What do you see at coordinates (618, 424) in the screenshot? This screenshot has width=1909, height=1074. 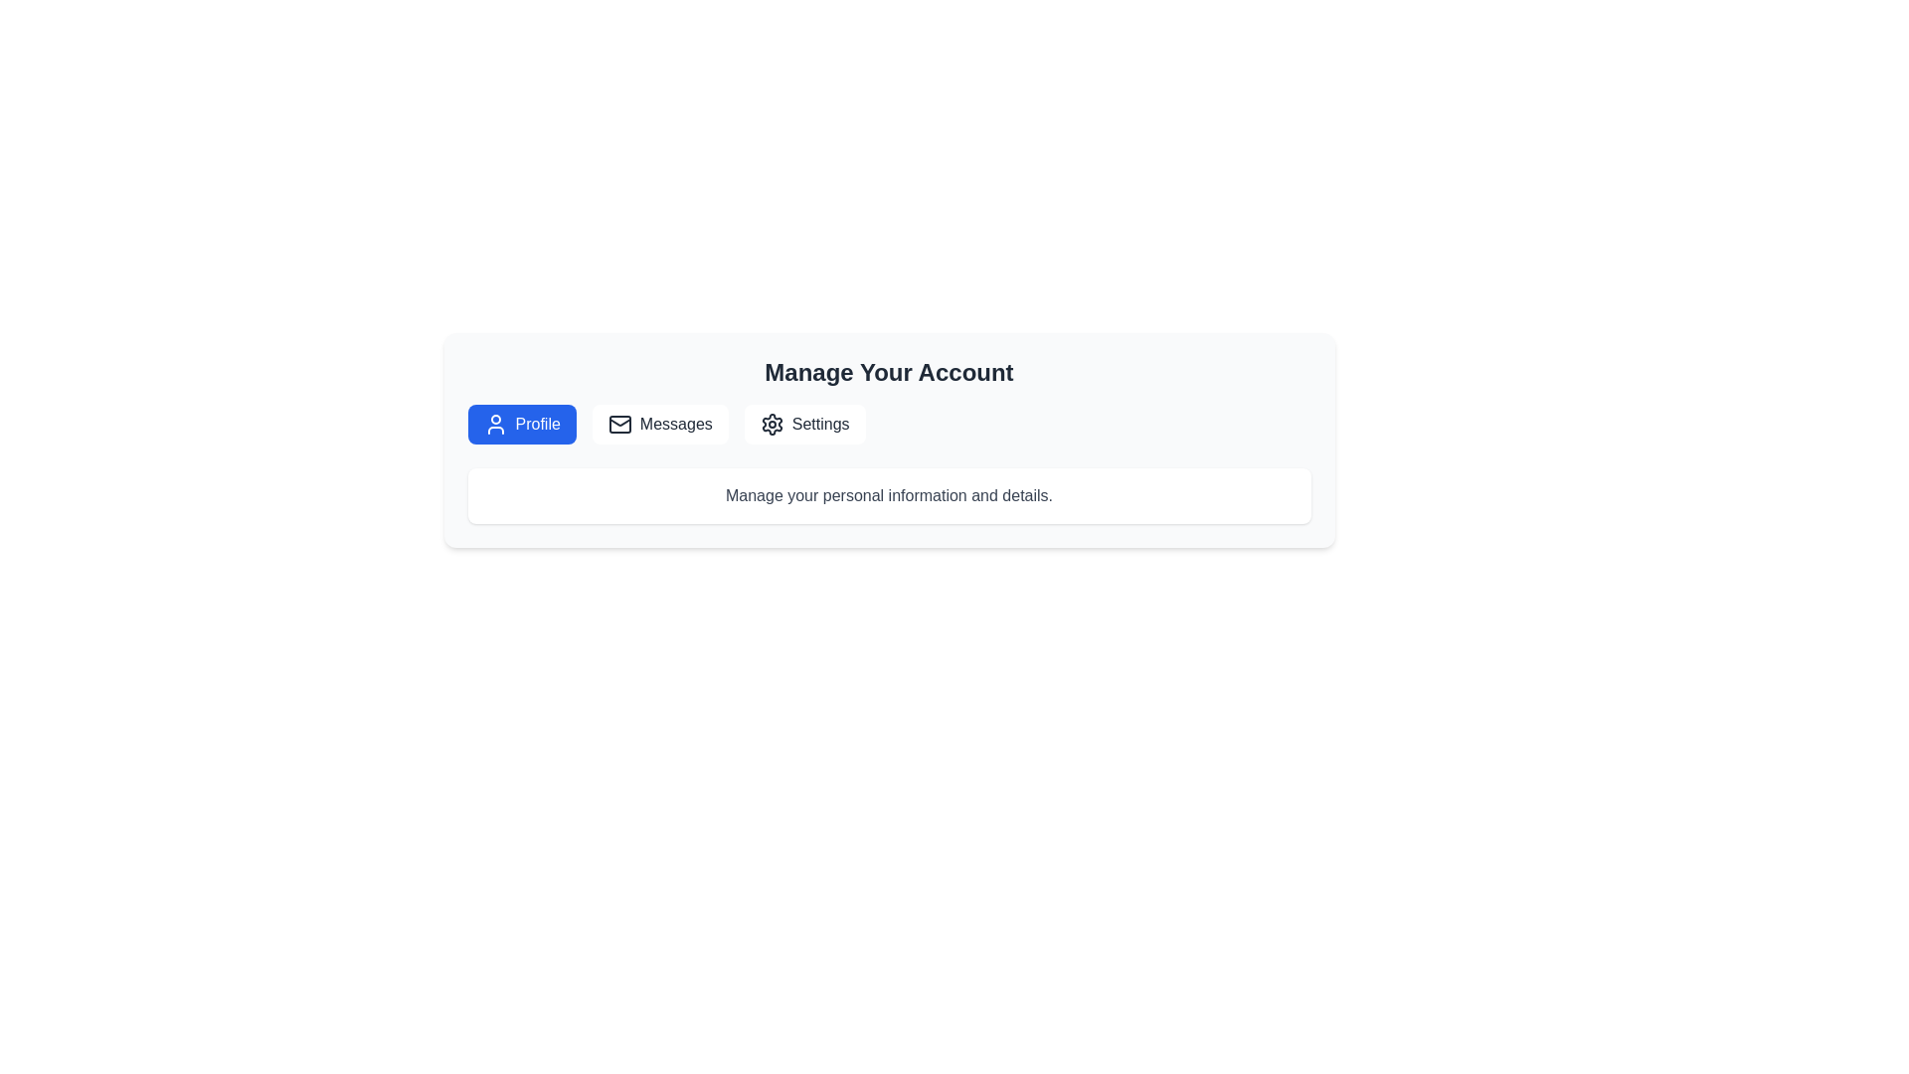 I see `the mail icon, which is a visual component suggesting messaging functionalities, located to the left of the 'Messages' text in the middle section of the interface` at bounding box center [618, 424].